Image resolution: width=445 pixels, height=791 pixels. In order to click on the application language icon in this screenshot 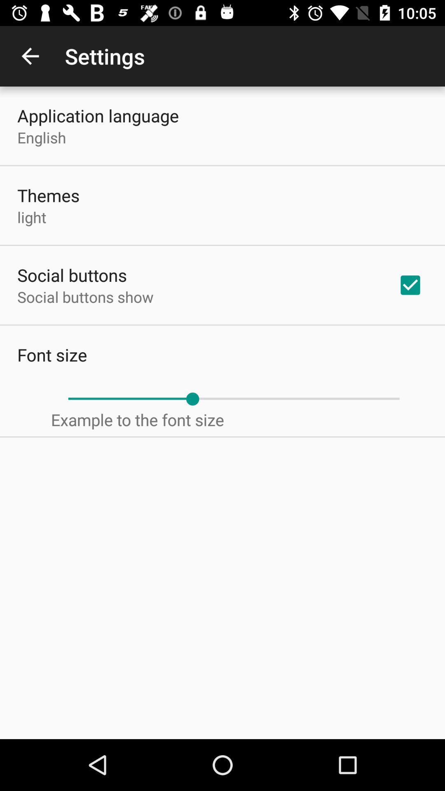, I will do `click(98, 115)`.